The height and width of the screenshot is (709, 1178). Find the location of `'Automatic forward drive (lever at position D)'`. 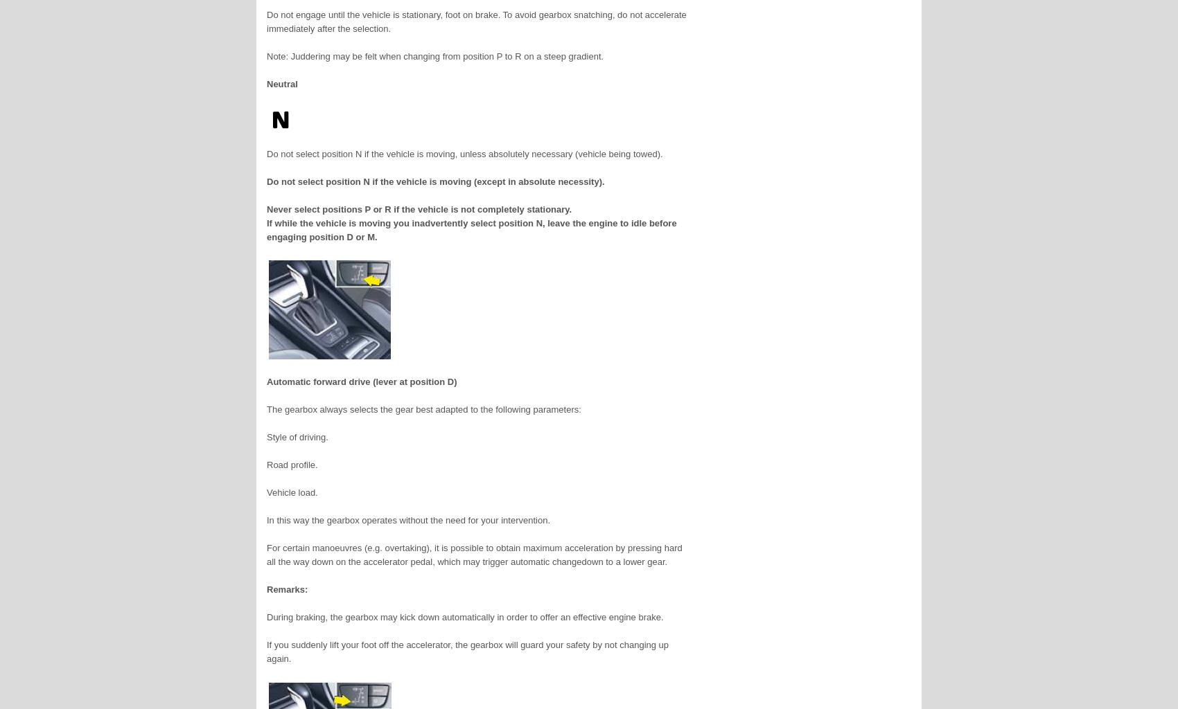

'Automatic forward drive (lever at position D)' is located at coordinates (362, 382).